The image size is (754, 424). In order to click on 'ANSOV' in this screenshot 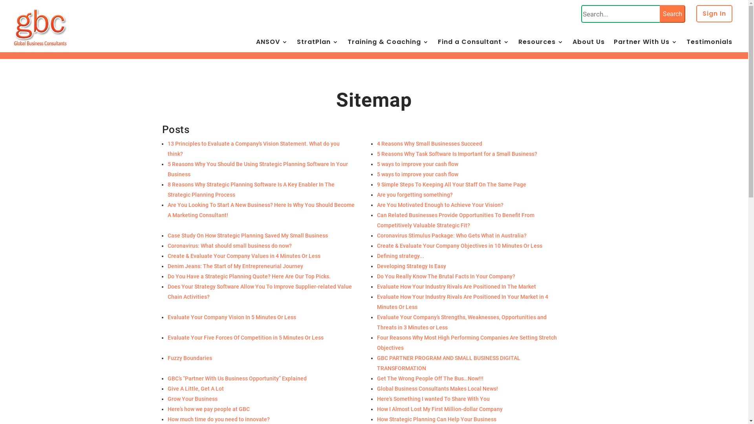, I will do `click(256, 47)`.